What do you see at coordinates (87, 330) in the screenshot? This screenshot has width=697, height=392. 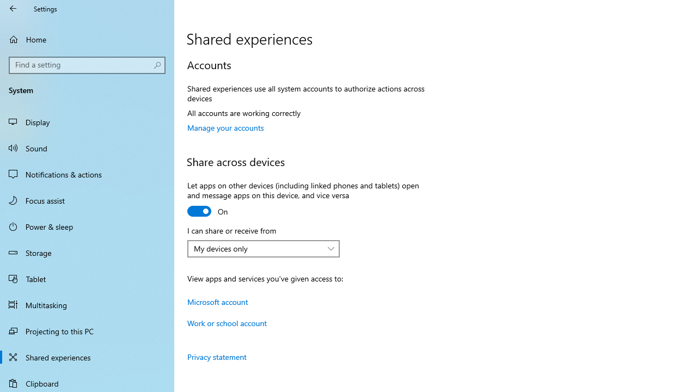 I see `'Projecting to this PC'` at bounding box center [87, 330].